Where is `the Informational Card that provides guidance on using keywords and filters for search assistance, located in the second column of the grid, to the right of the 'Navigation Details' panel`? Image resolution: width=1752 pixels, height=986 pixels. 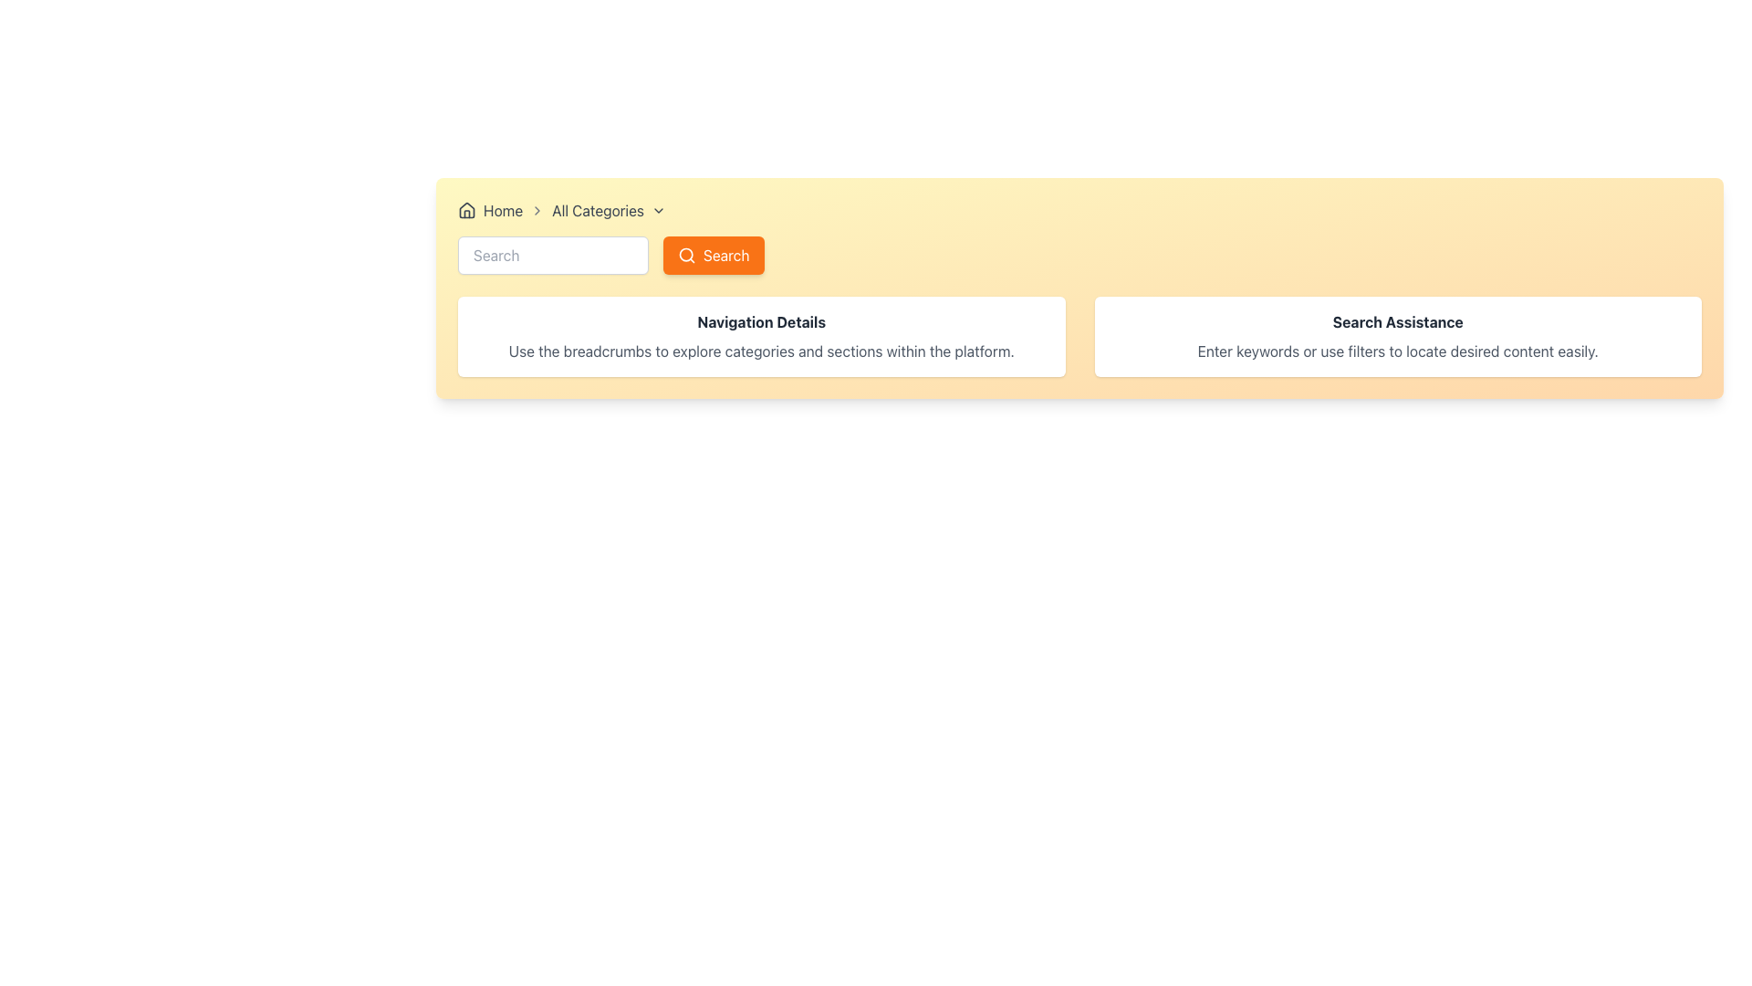 the Informational Card that provides guidance on using keywords and filters for search assistance, located in the second column of the grid, to the right of the 'Navigation Details' panel is located at coordinates (1397, 337).